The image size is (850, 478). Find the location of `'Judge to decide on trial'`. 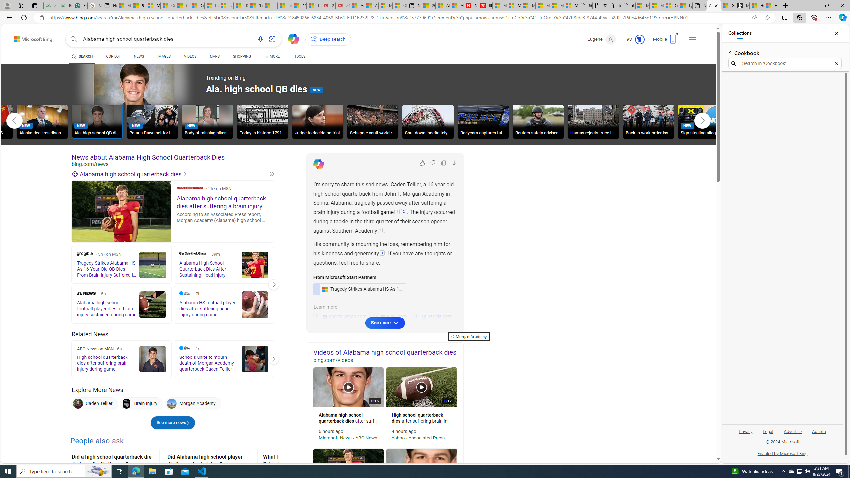

'Judge to decide on trial' is located at coordinates (318, 122).